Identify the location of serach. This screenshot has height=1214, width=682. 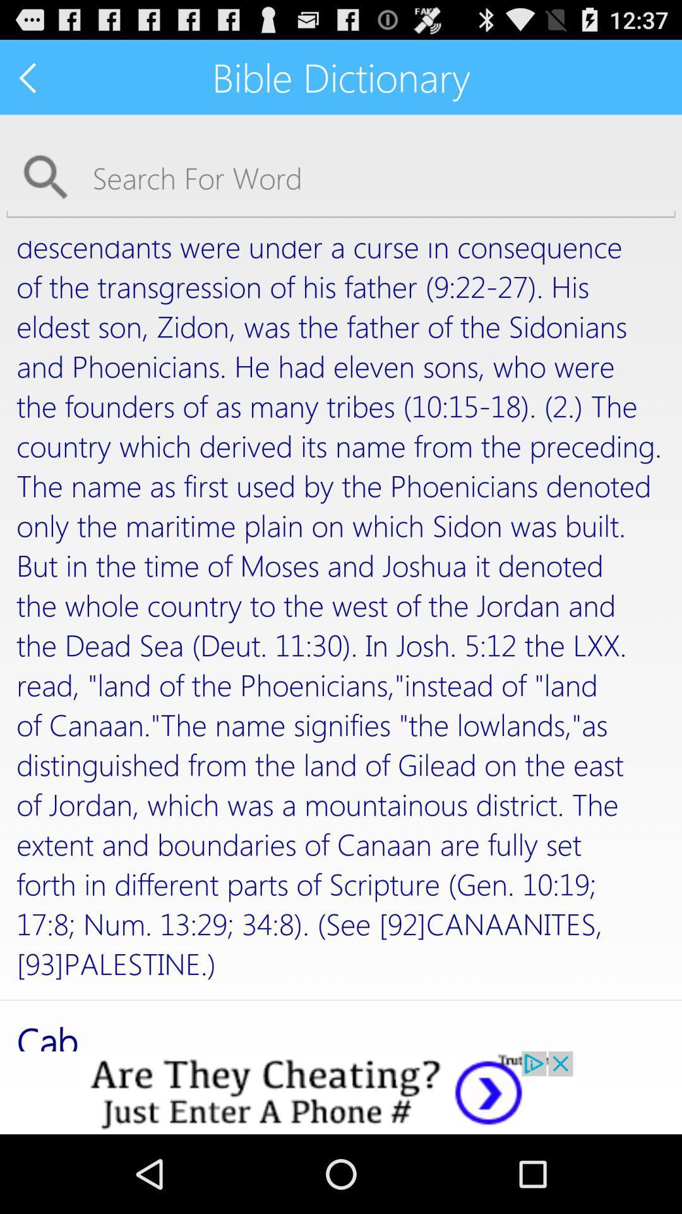
(341, 177).